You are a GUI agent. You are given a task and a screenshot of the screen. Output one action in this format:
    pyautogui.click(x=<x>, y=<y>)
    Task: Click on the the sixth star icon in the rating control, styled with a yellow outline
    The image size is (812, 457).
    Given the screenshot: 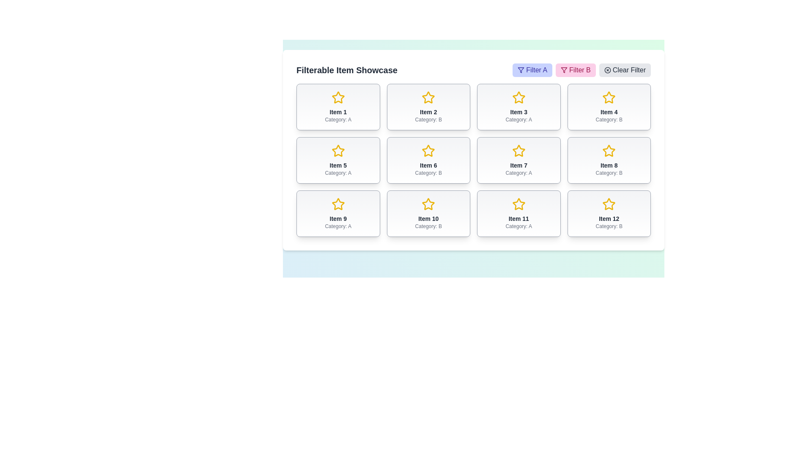 What is the action you would take?
    pyautogui.click(x=428, y=150)
    